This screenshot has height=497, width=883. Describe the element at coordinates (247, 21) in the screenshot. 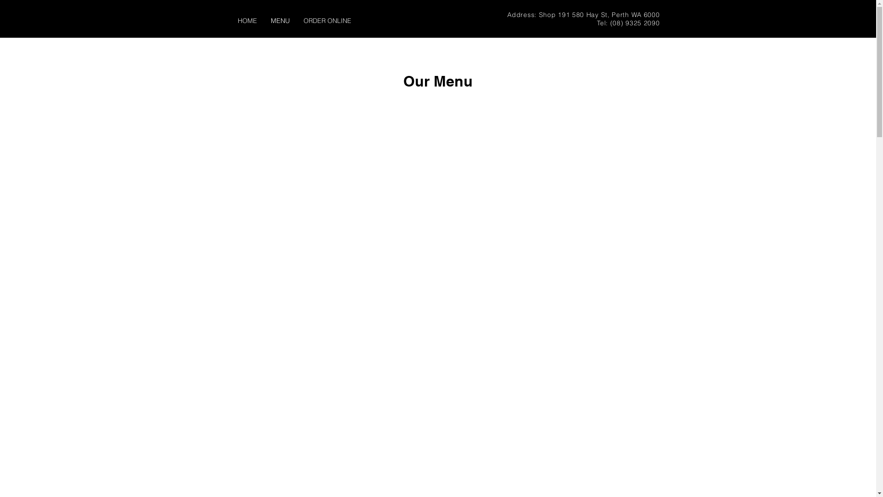

I see `'HOME'` at that location.